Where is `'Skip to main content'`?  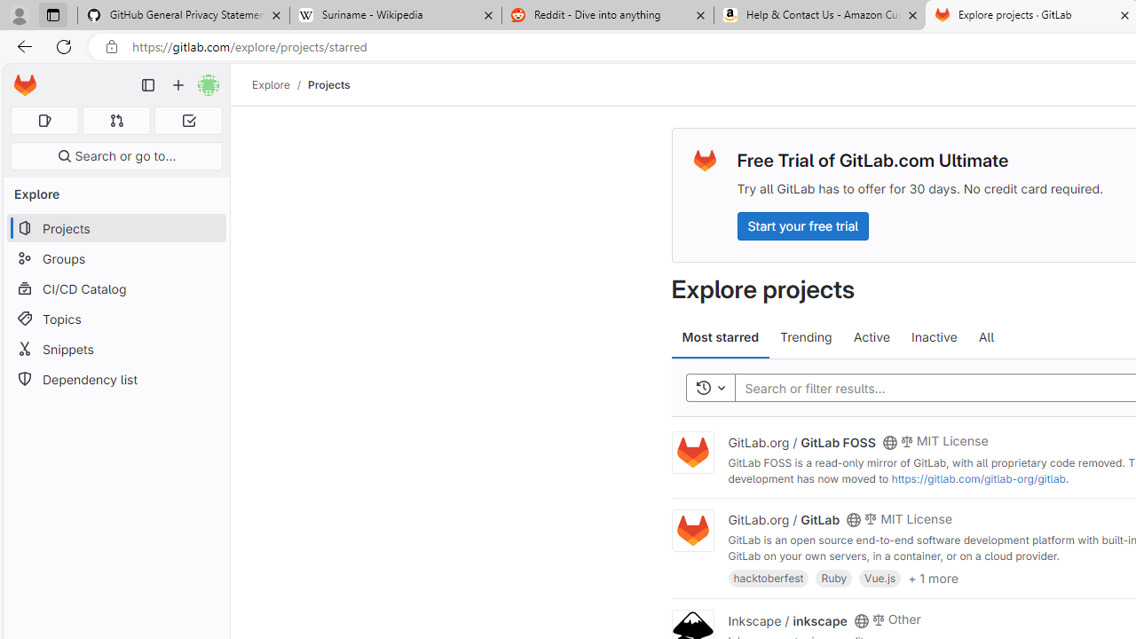
'Skip to main content' is located at coordinates (20, 76).